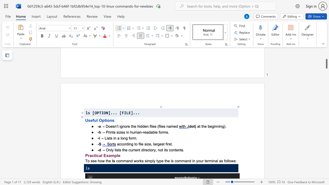 Image resolution: width=329 pixels, height=185 pixels. Describe the element at coordinates (106, 138) in the screenshot. I see `the space between the continuous character "L" and "i" in the text` at that location.